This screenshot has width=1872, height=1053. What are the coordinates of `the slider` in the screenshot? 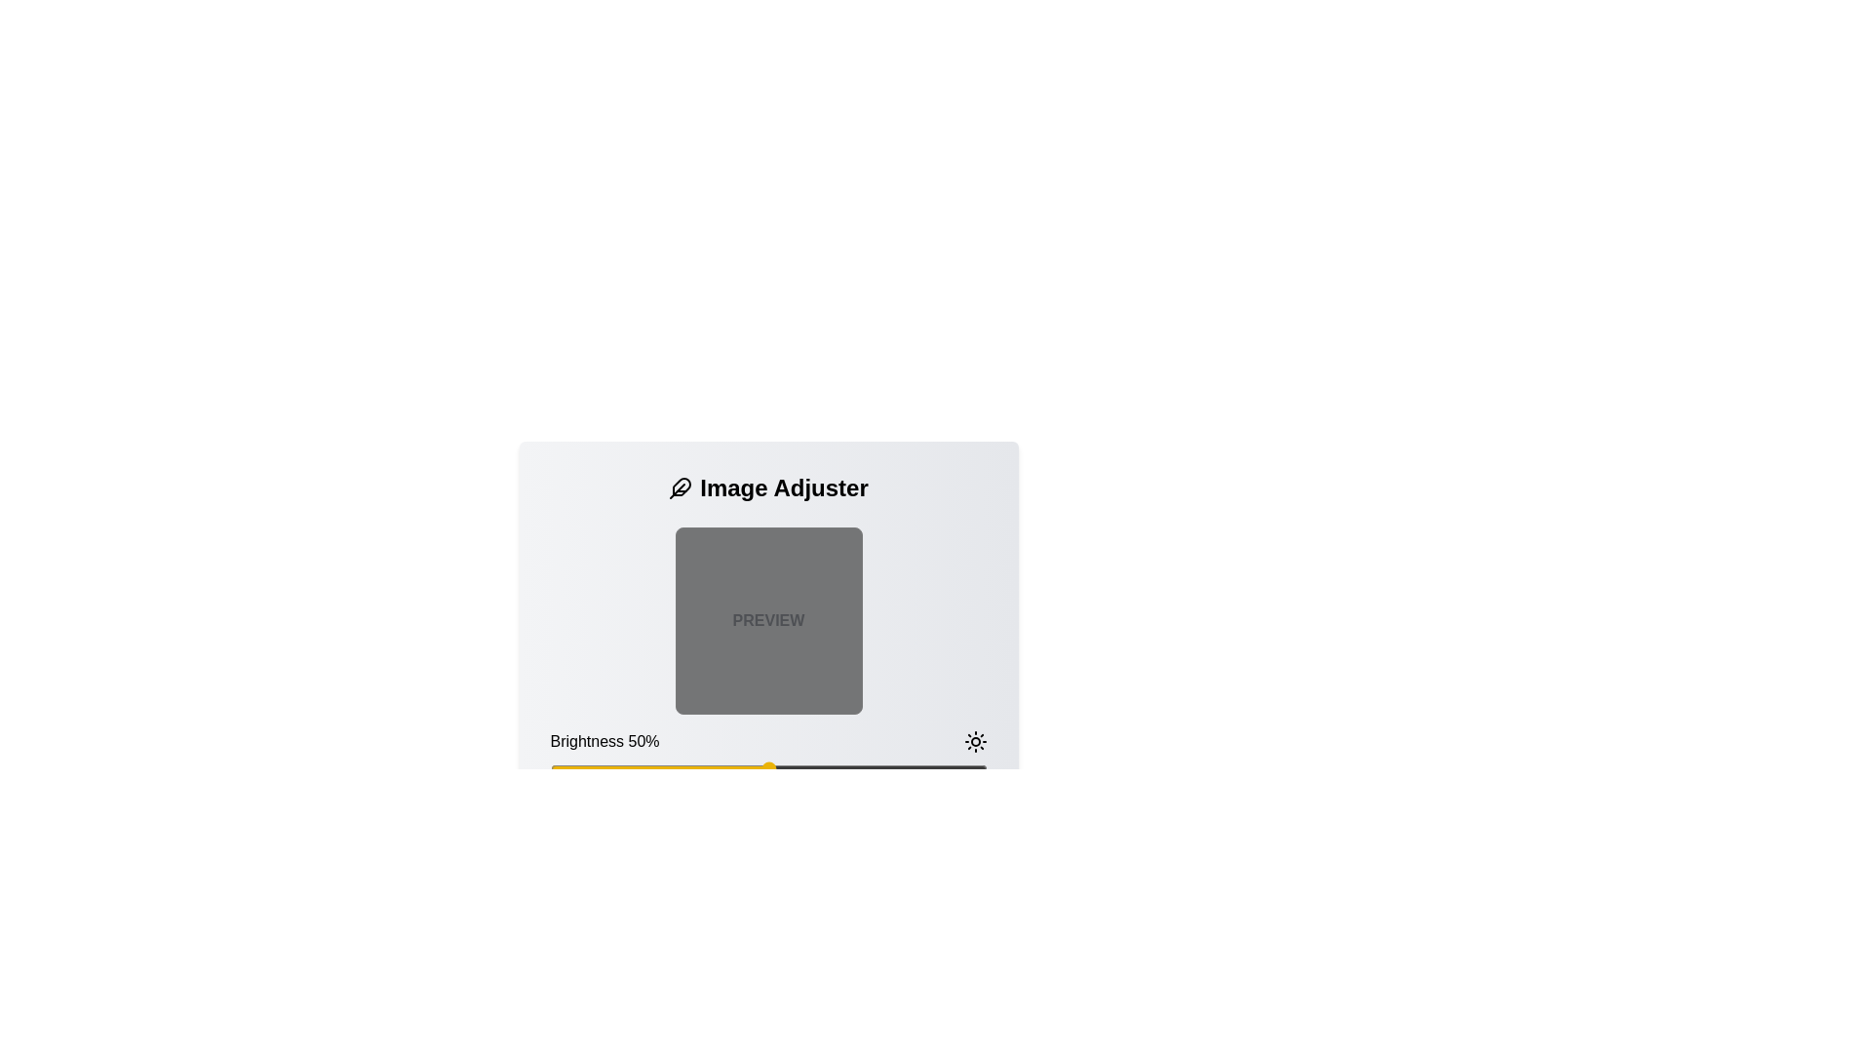 It's located at (952, 768).